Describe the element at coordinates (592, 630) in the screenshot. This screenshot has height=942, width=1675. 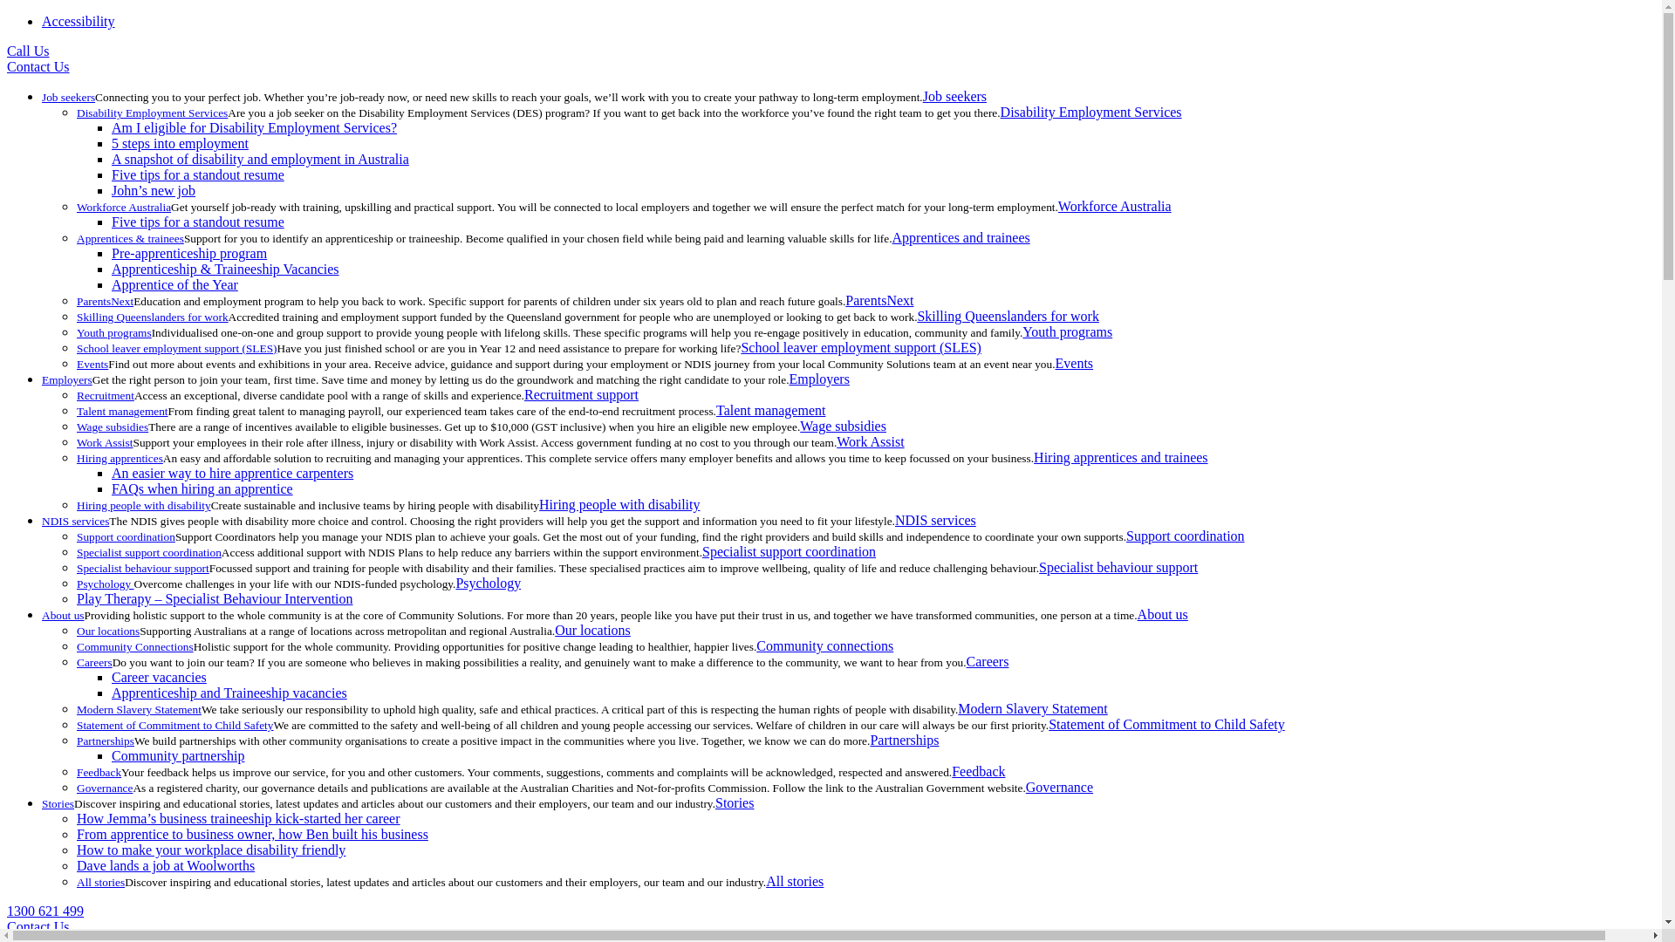
I see `'Our locations'` at that location.